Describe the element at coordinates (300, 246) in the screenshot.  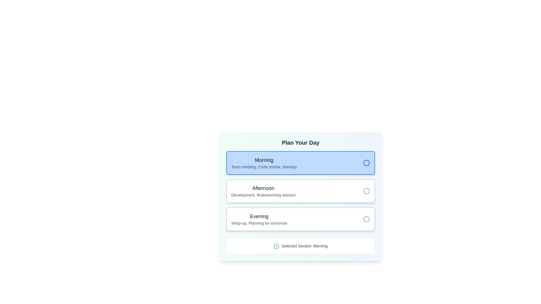
I see `the 'Morning' label with an icon located at the bottom of the 'Plan Your Day' card to provide feedback about the selection` at that location.